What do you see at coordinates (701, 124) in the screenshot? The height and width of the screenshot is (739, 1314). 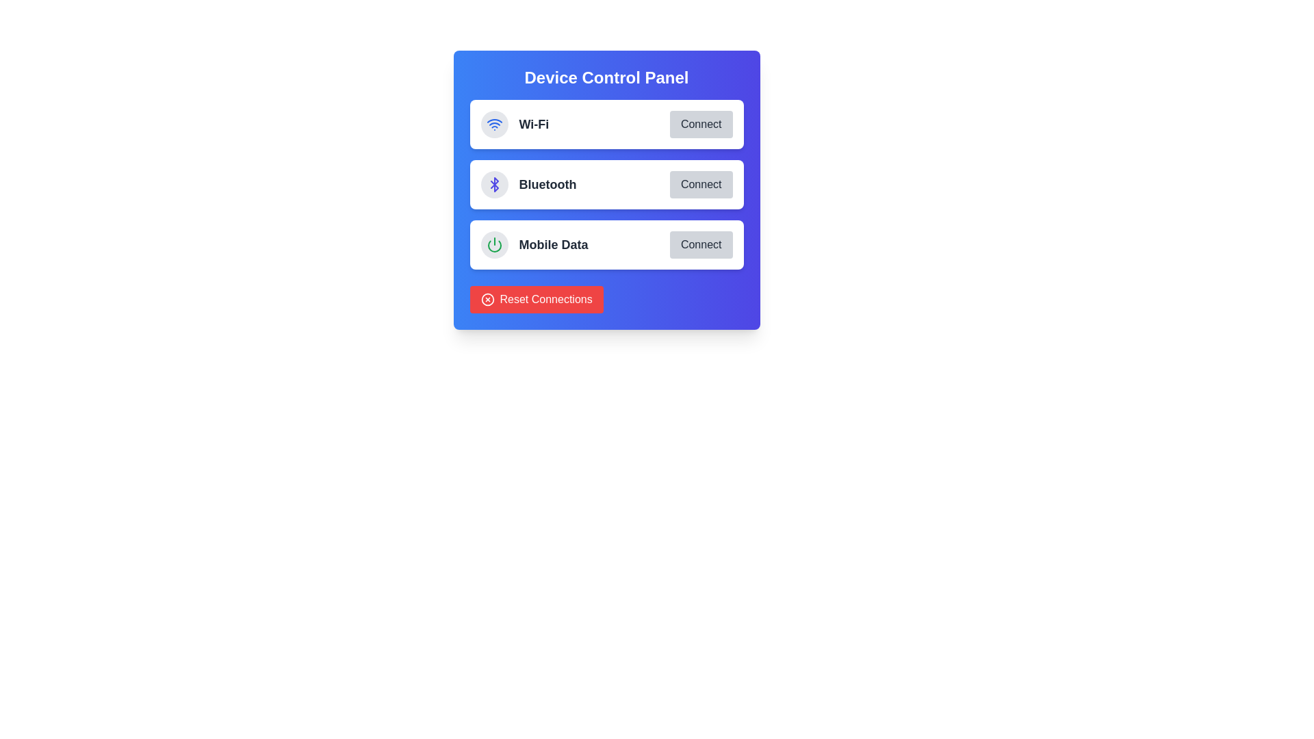 I see `the rectangular 'Connect' button with a rounded shape, which has a gray background and is located at the top row of the Wi-Fi section` at bounding box center [701, 124].